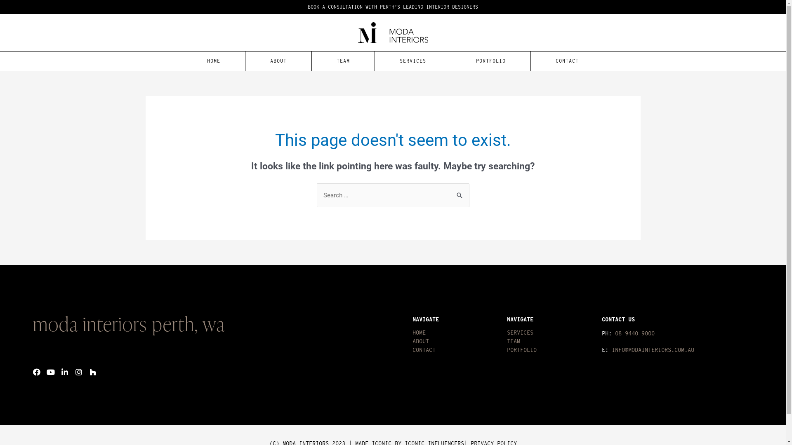 The height and width of the screenshot is (445, 792). Describe the element at coordinates (550, 350) in the screenshot. I see `'PORTFOLIO'` at that location.